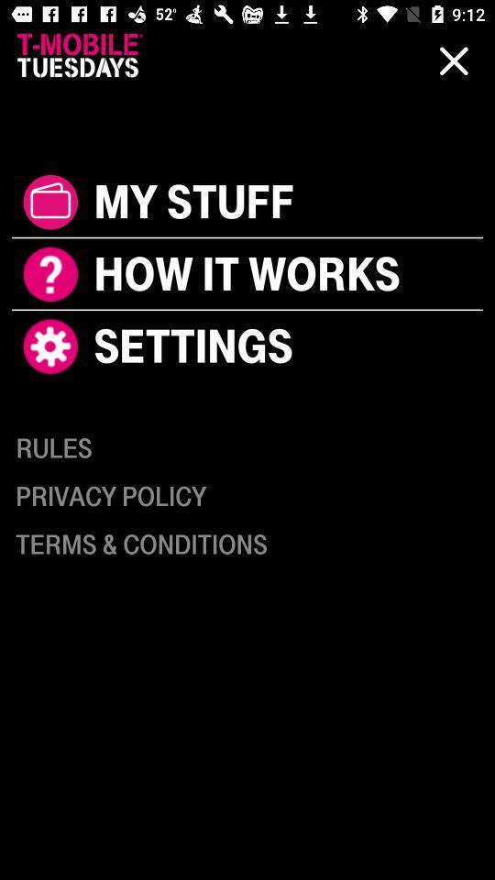 Image resolution: width=495 pixels, height=880 pixels. I want to click on close icon, so click(453, 72).